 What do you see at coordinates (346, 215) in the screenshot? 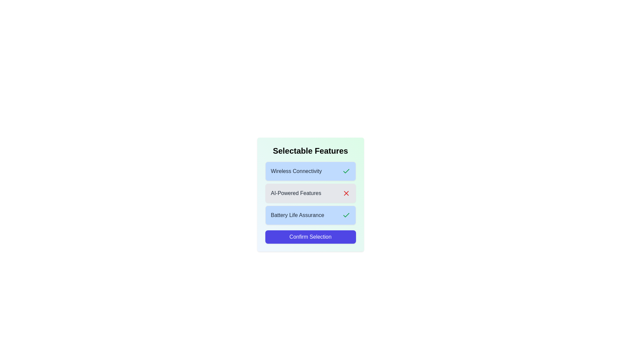
I see `the checkmark icon with a thin outline and green color, located on the right side of the 'Wireless Connectivity' row, within a blue rectangular background` at bounding box center [346, 215].